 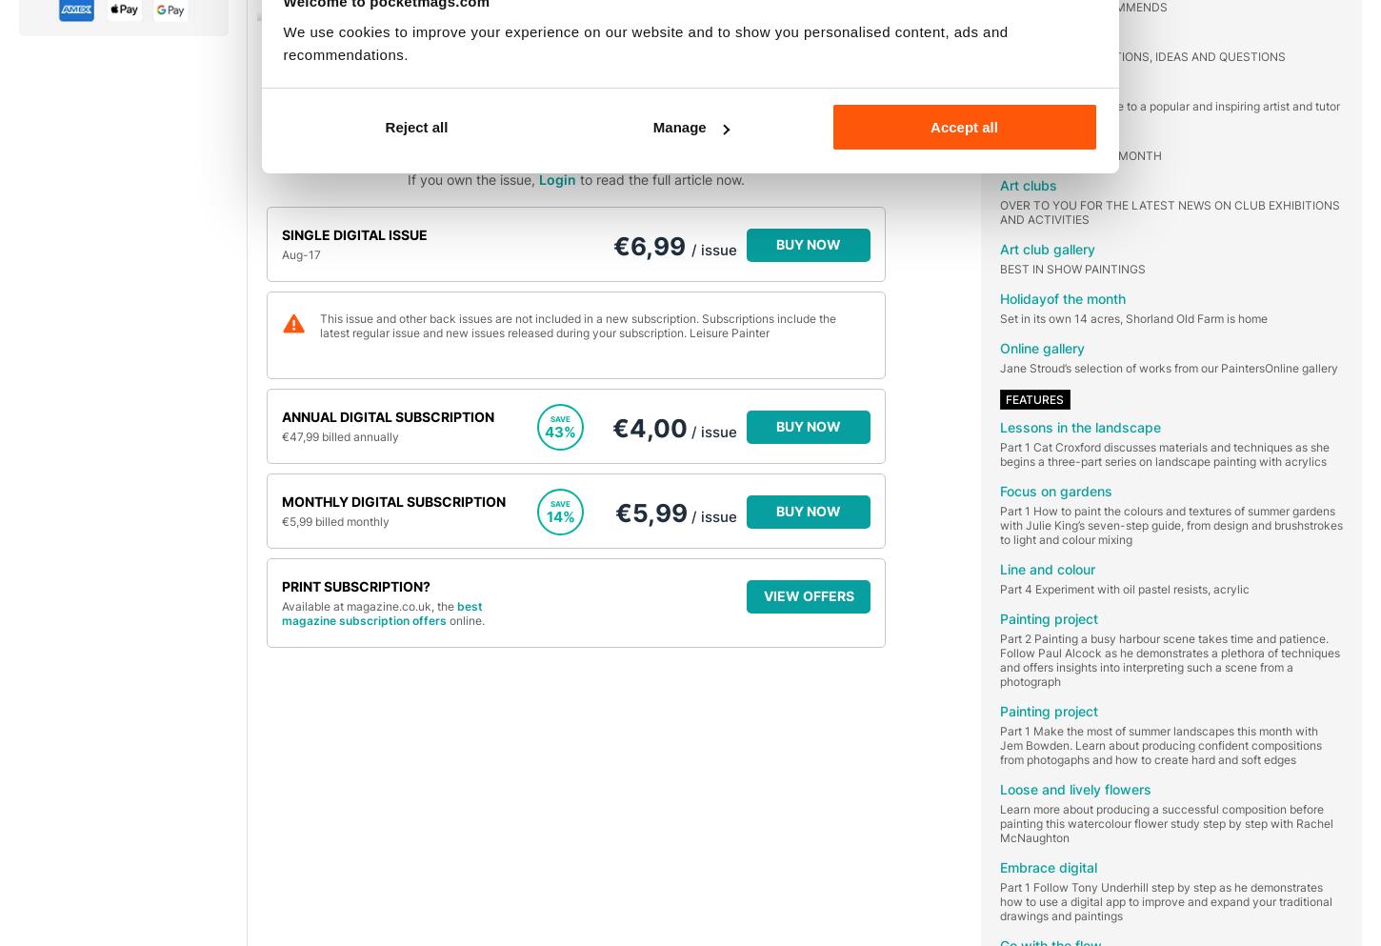 What do you see at coordinates (1071, 269) in the screenshot?
I see `'BEST IN SHOW PAINTINGS'` at bounding box center [1071, 269].